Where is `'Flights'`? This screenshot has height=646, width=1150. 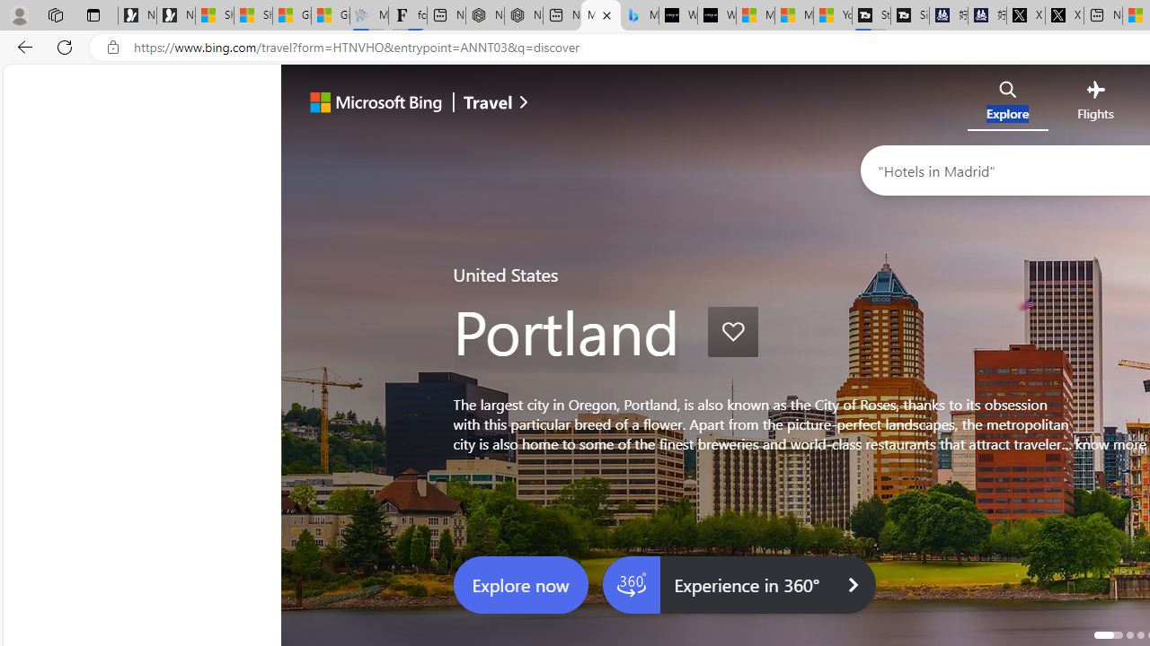 'Flights' is located at coordinates (1094, 105).